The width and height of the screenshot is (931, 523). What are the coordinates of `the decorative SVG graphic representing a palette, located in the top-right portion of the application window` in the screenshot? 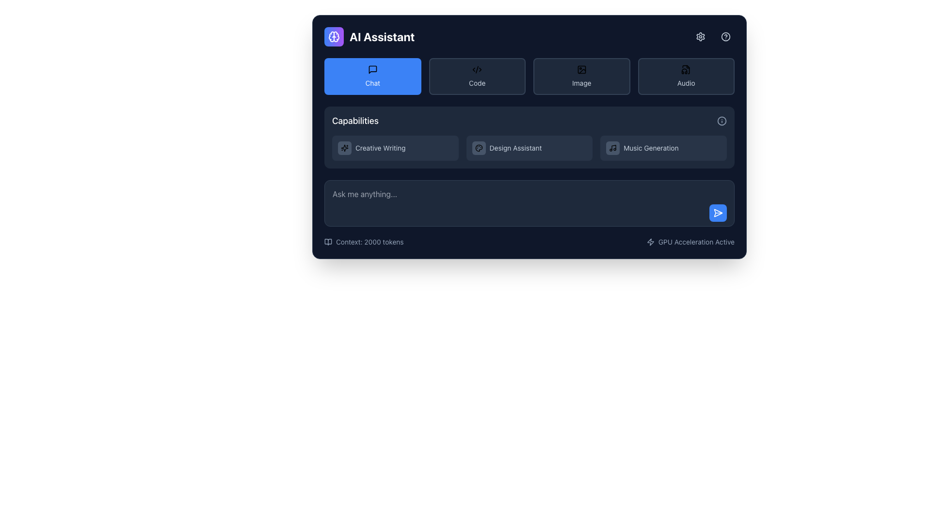 It's located at (479, 148).